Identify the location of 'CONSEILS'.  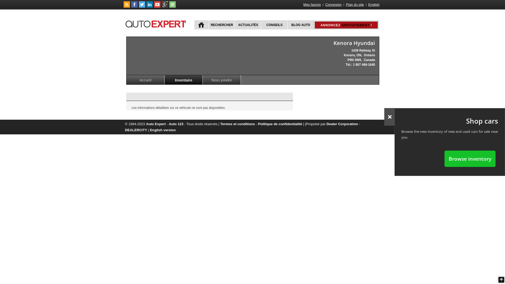
(274, 25).